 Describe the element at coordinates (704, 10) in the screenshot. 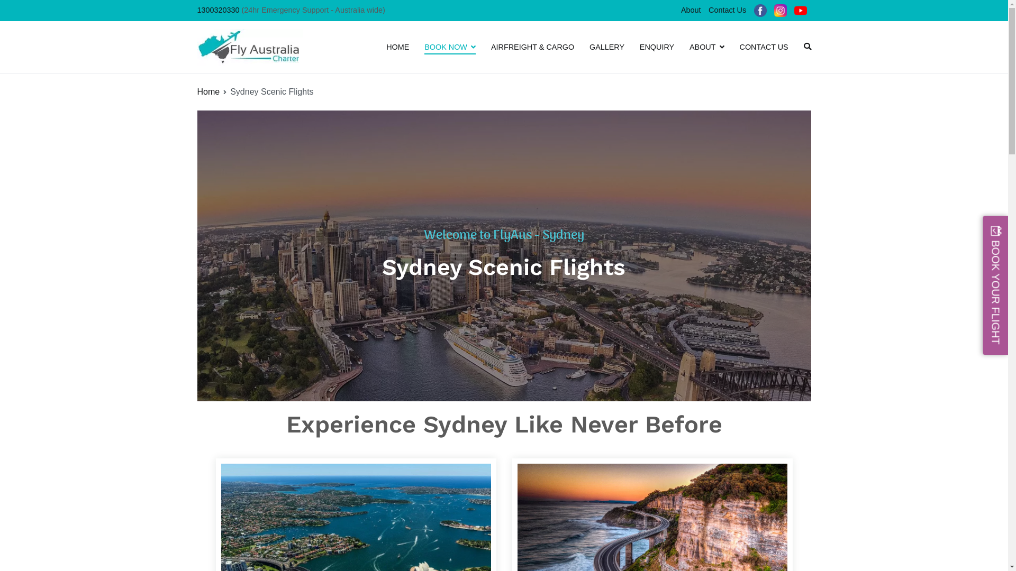

I see `'Contact Us'` at that location.